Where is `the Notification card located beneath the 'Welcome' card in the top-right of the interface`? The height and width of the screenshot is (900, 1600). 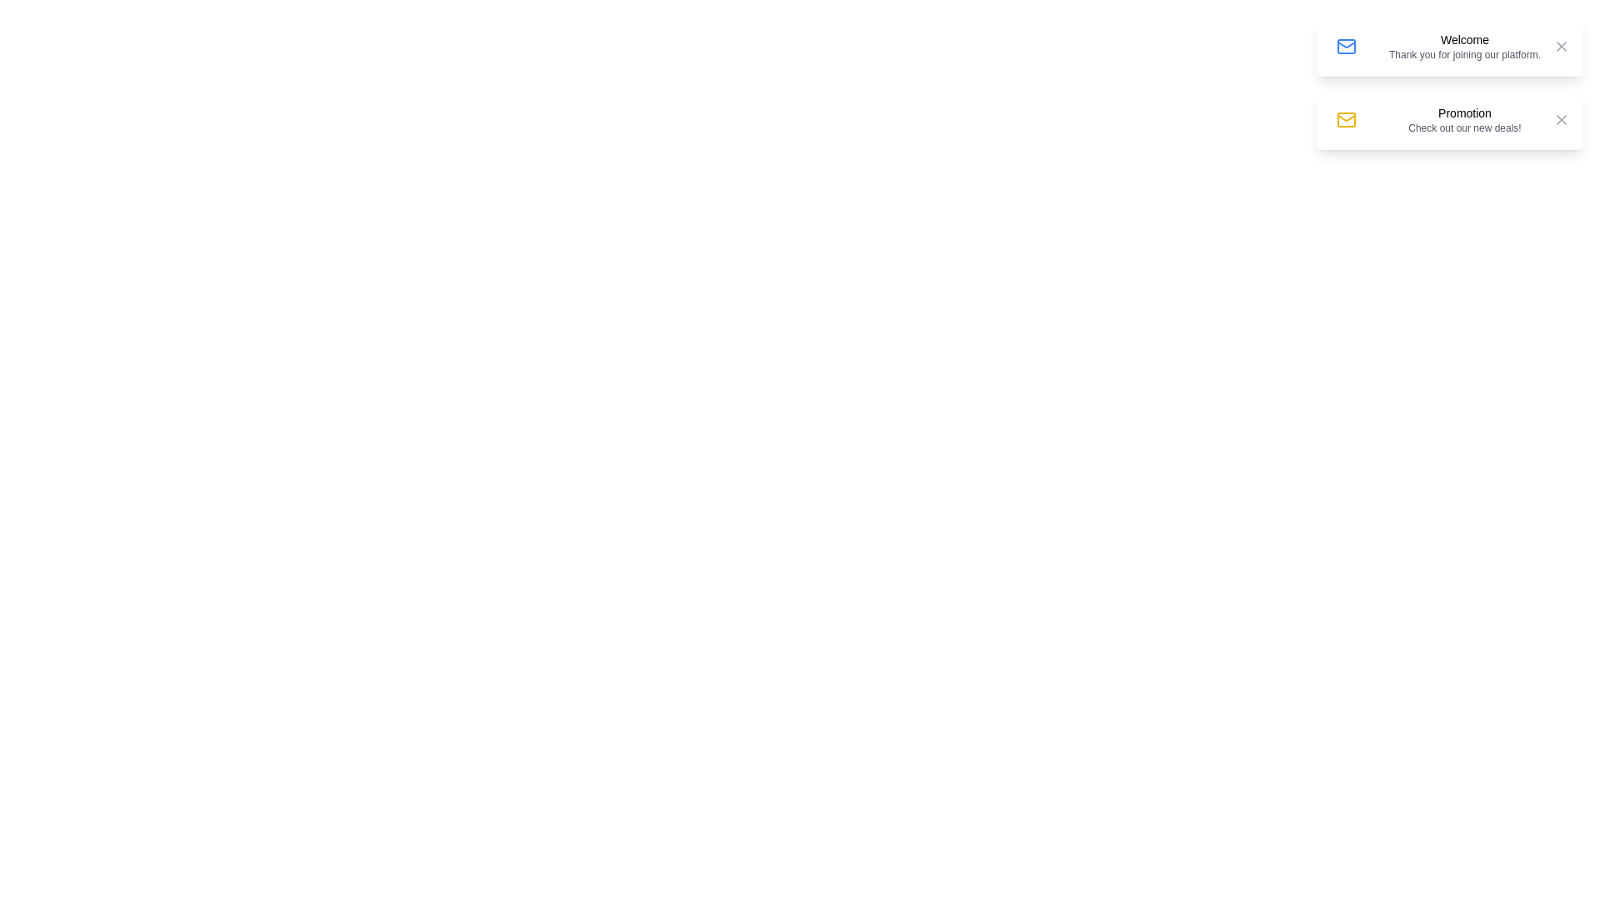 the Notification card located beneath the 'Welcome' card in the top-right of the interface is located at coordinates (1448, 118).